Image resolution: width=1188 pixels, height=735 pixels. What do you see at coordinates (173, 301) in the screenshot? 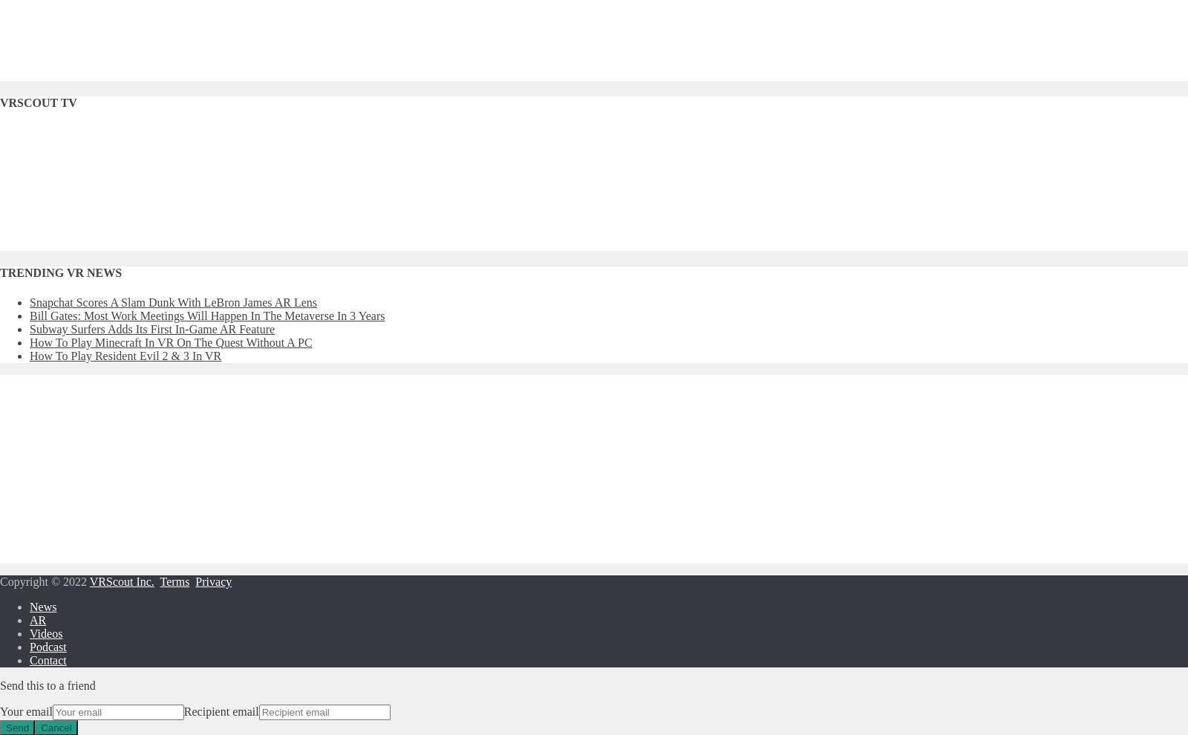
I see `'Snapchat Scores A Slam Dunk With LeBron James AR Lens'` at bounding box center [173, 301].